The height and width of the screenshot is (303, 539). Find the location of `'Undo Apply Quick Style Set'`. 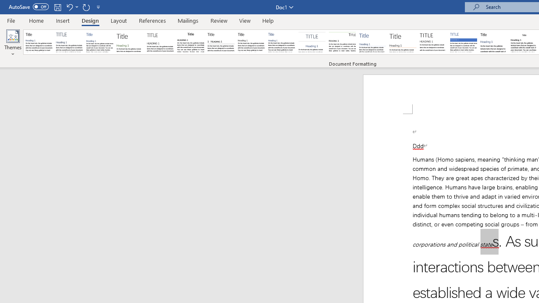

'Undo Apply Quick Style Set' is located at coordinates (72, 7).